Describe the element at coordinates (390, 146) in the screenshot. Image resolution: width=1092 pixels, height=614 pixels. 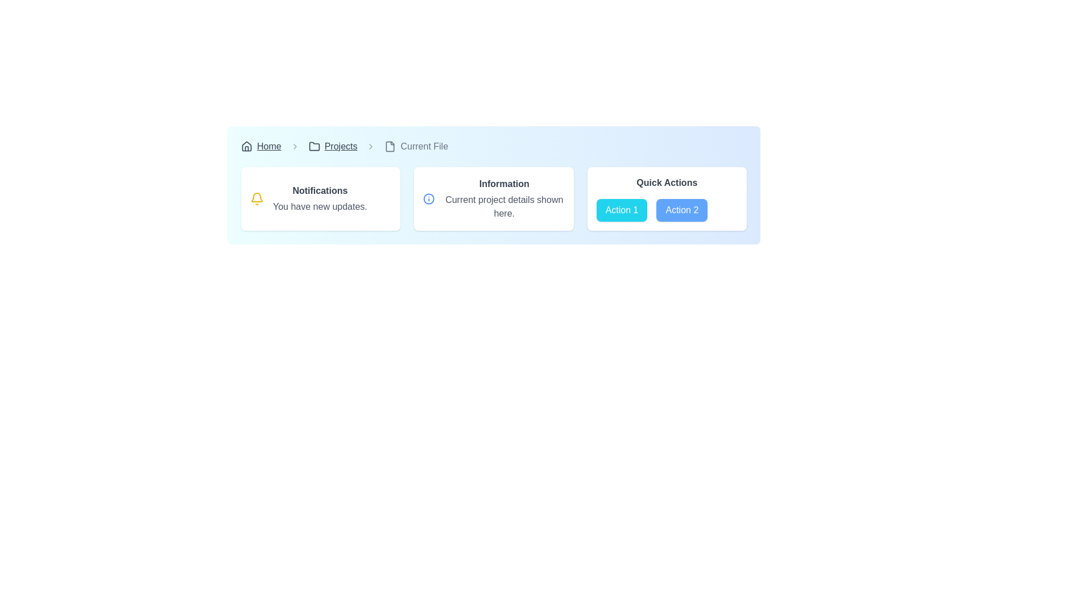
I see `the SVG icon resembling a file or document, which is located in the breadcrumb navigation just before the 'Current File' text` at that location.